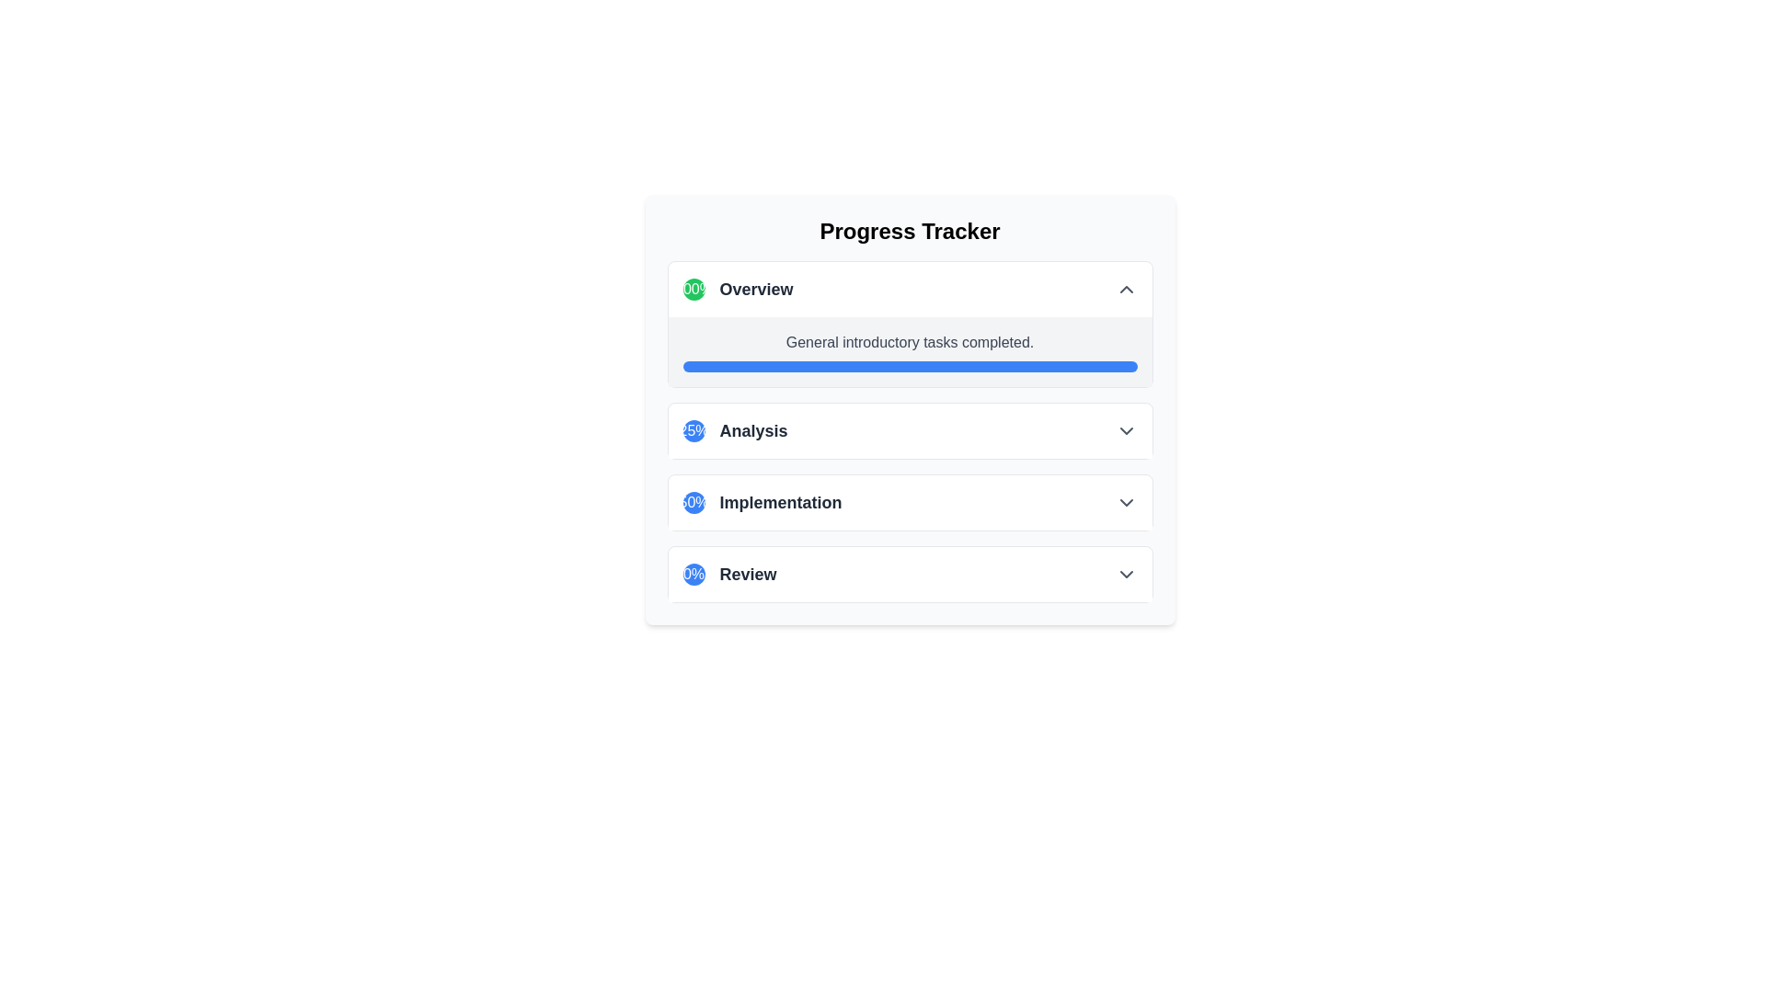 The image size is (1766, 993). Describe the element at coordinates (910, 366) in the screenshot. I see `the fully filled blue progress bar indicating completion of all introductory tasks, located beneath the text 'General introductory tasks completed.'` at that location.